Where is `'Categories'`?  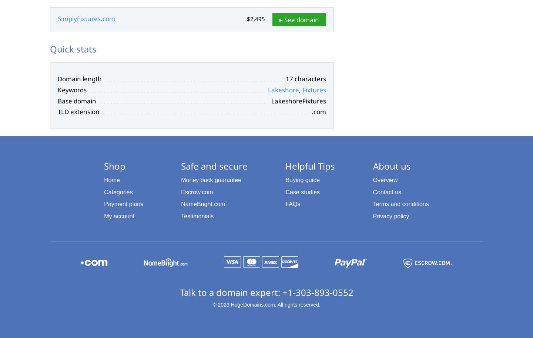
'Categories' is located at coordinates (118, 192).